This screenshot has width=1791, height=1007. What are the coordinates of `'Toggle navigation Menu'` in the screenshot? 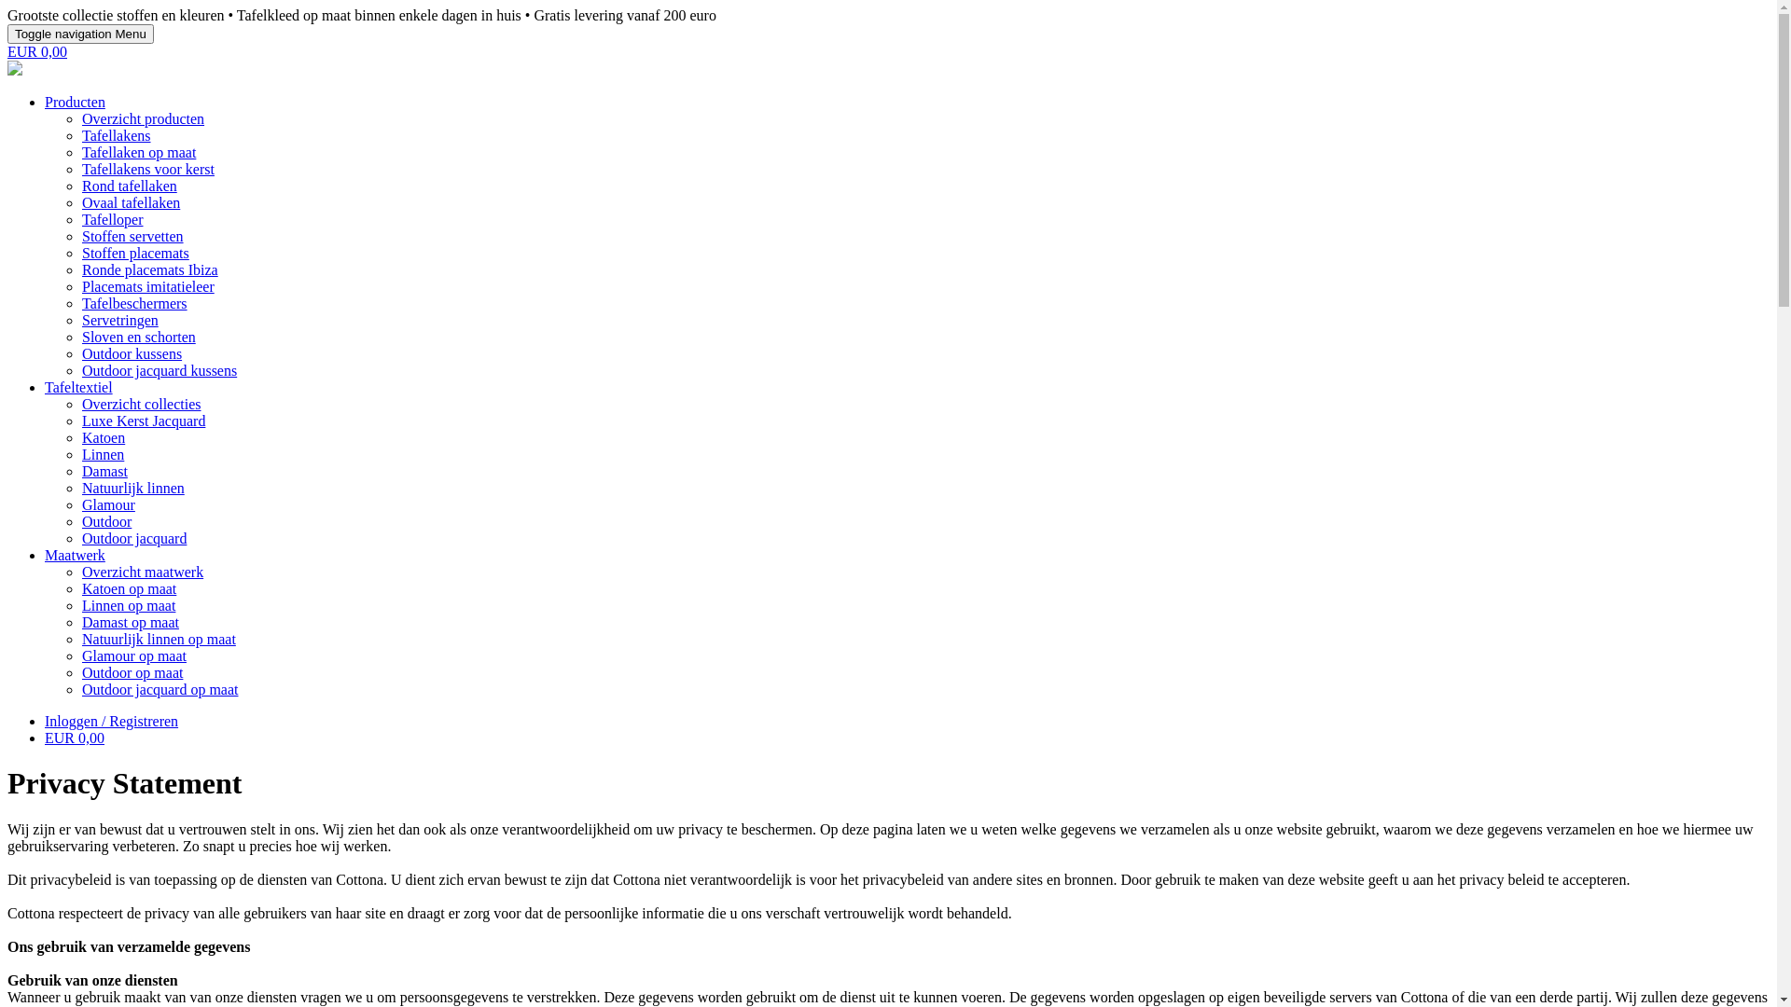 It's located at (79, 34).